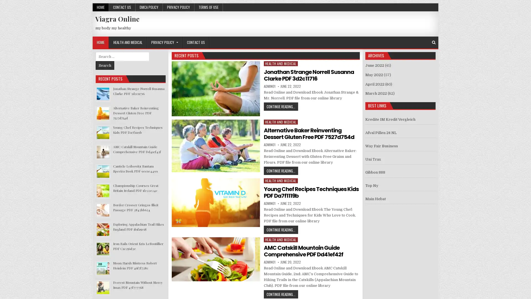  Describe the element at coordinates (105, 65) in the screenshot. I see `Search` at that location.